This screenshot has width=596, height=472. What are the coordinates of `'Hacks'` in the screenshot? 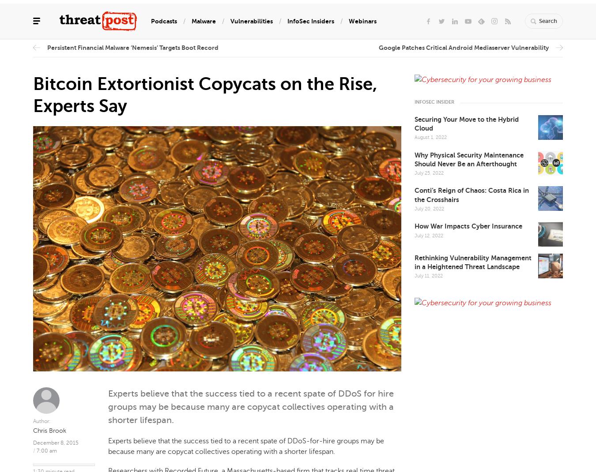 It's located at (41, 130).